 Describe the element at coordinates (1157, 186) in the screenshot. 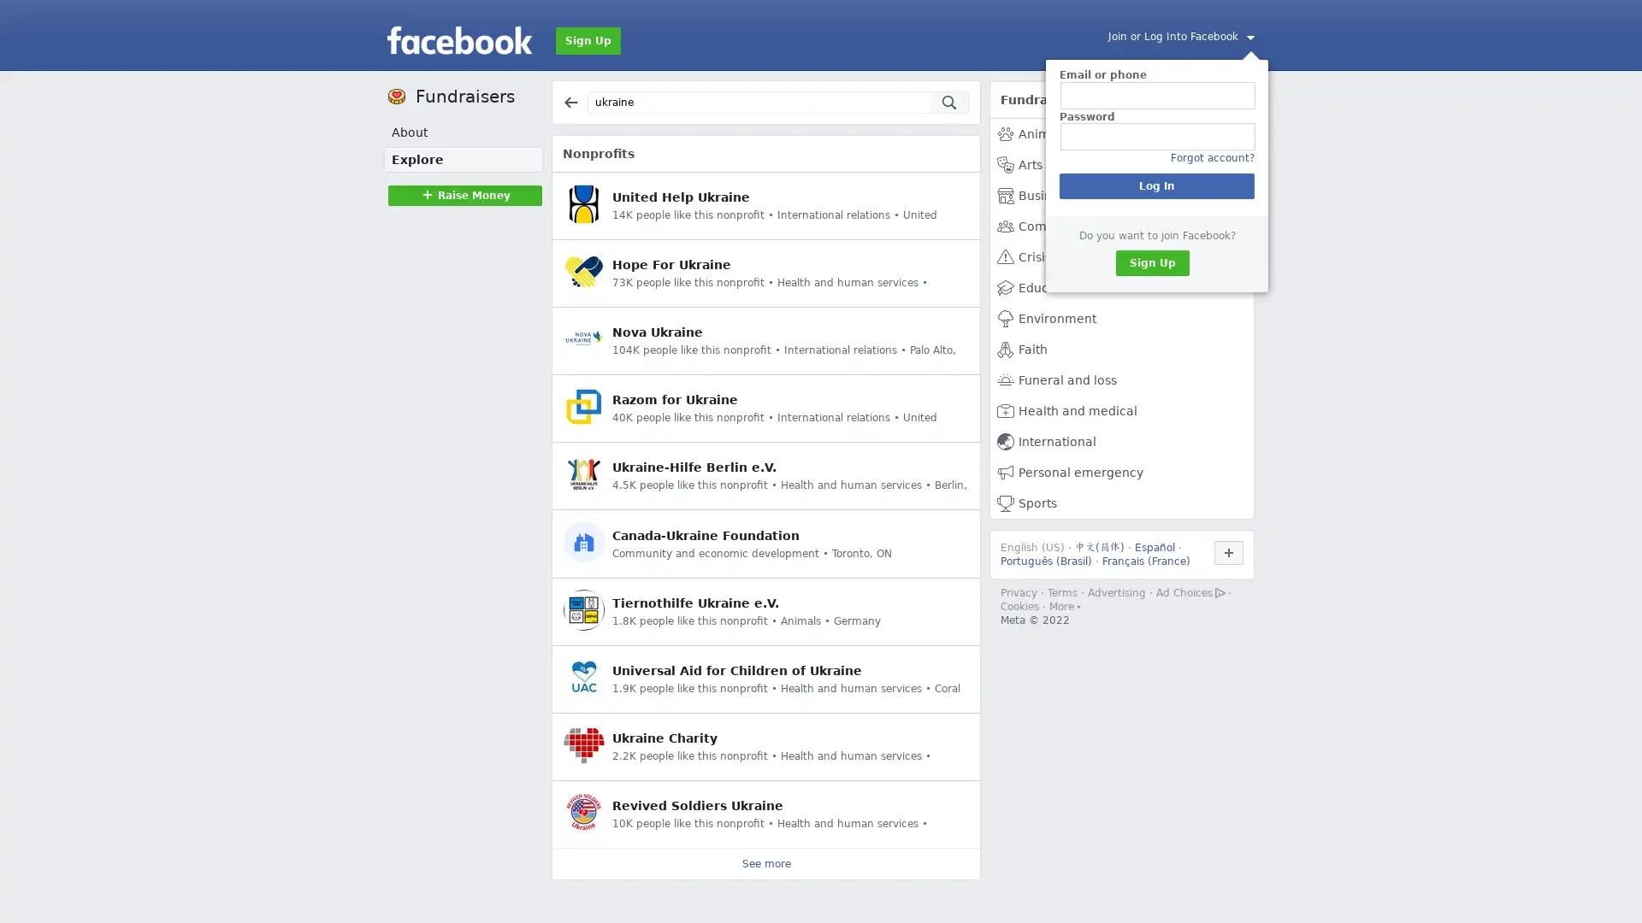

I see `Log In` at that location.